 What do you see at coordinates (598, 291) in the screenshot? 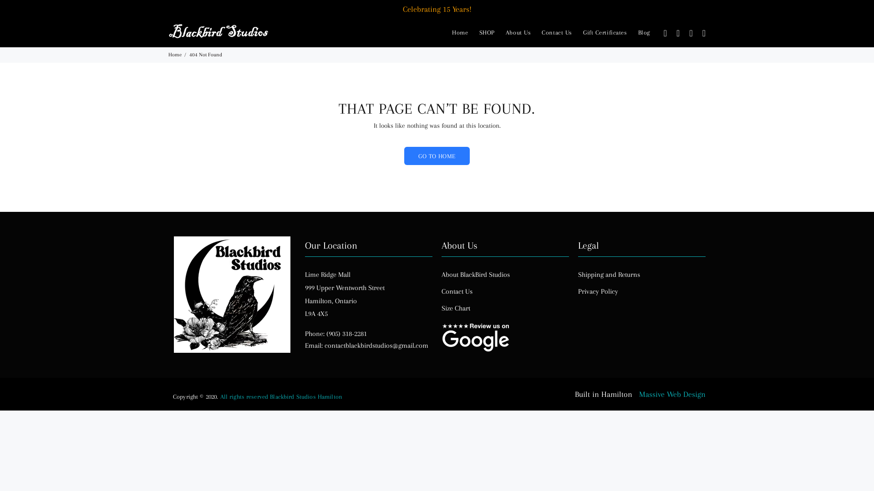
I see `'Privacy Policy'` at bounding box center [598, 291].